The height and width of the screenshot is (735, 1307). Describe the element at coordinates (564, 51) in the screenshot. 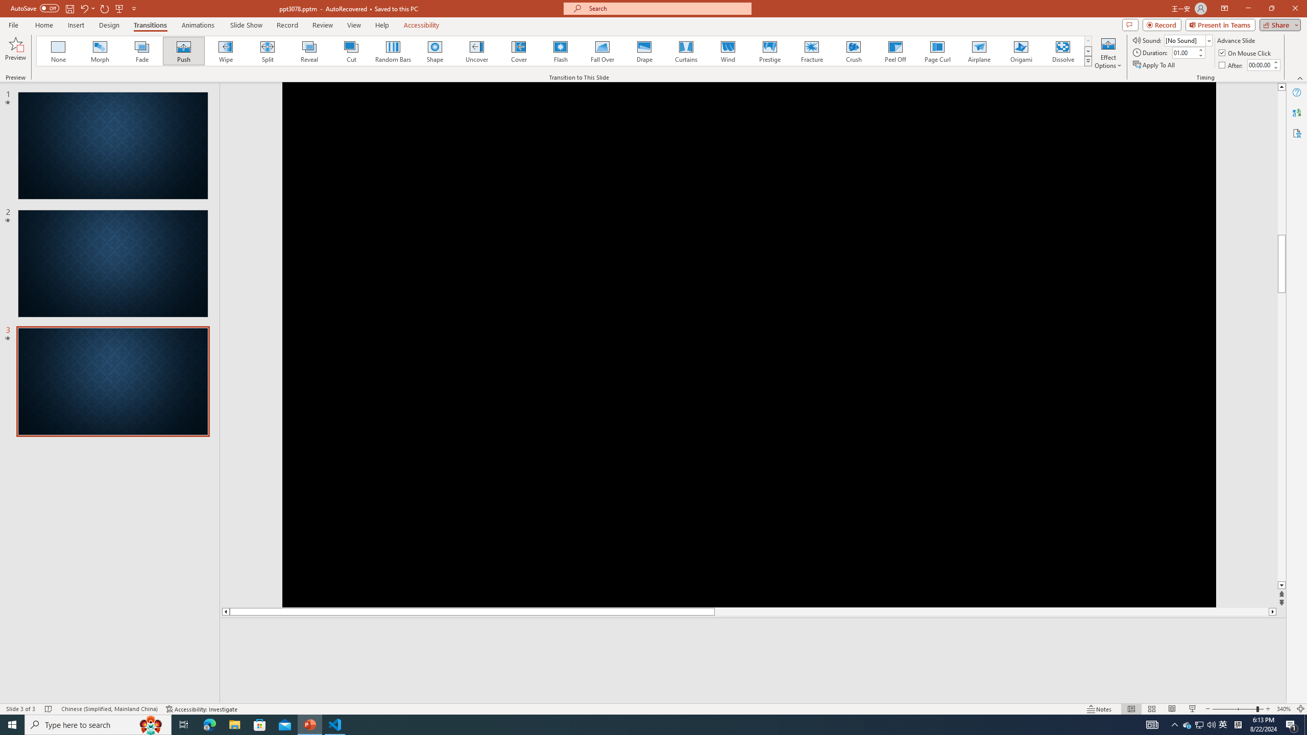

I see `'AutomationID: AnimationTransitionGallery'` at that location.